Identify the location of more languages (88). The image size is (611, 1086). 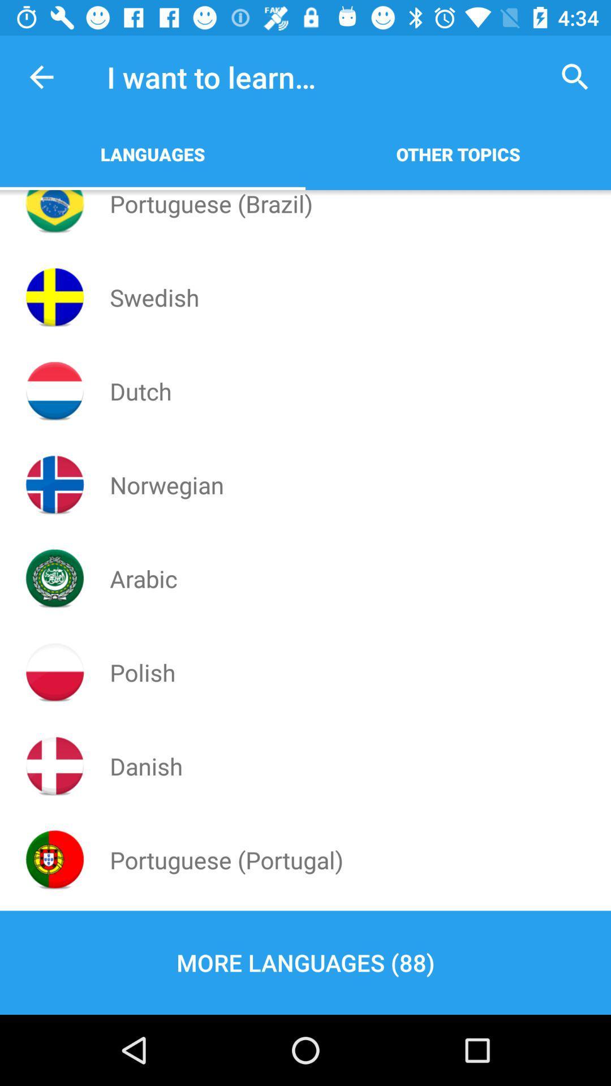
(305, 962).